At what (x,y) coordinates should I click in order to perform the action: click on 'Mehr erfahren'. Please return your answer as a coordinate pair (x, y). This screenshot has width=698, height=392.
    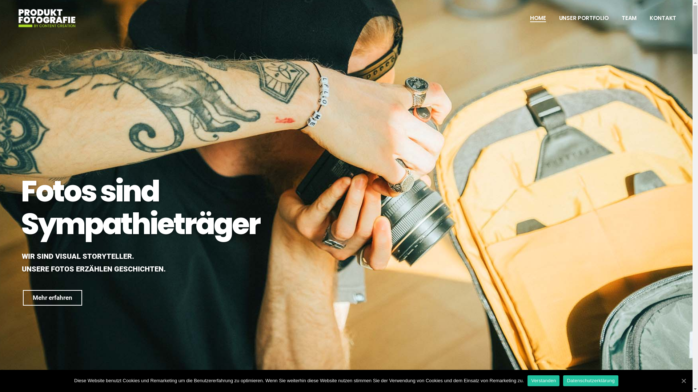
    Looking at the image, I should click on (52, 298).